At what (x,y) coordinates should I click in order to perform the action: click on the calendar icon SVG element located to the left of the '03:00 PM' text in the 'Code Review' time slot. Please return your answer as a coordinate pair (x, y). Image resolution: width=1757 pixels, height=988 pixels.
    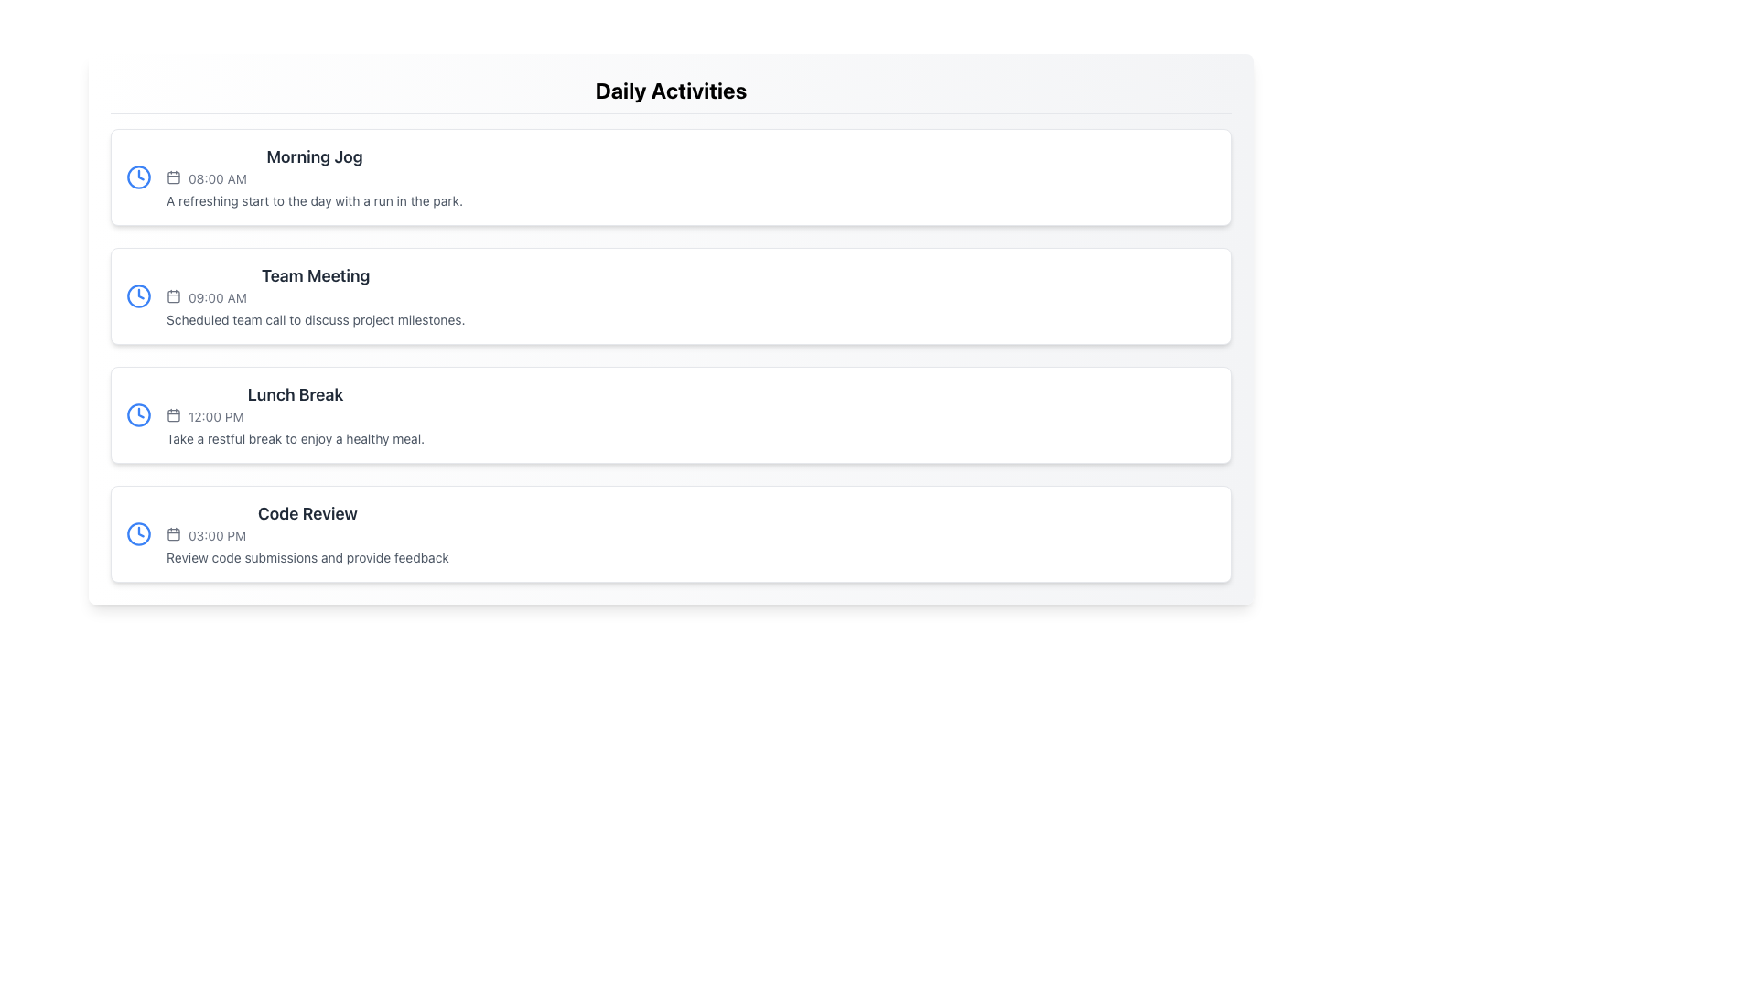
    Looking at the image, I should click on (174, 533).